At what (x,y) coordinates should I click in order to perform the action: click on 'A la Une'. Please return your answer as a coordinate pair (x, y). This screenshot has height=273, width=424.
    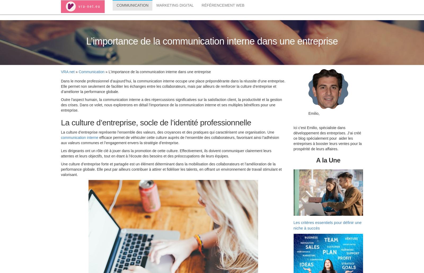
    Looking at the image, I should click on (316, 161).